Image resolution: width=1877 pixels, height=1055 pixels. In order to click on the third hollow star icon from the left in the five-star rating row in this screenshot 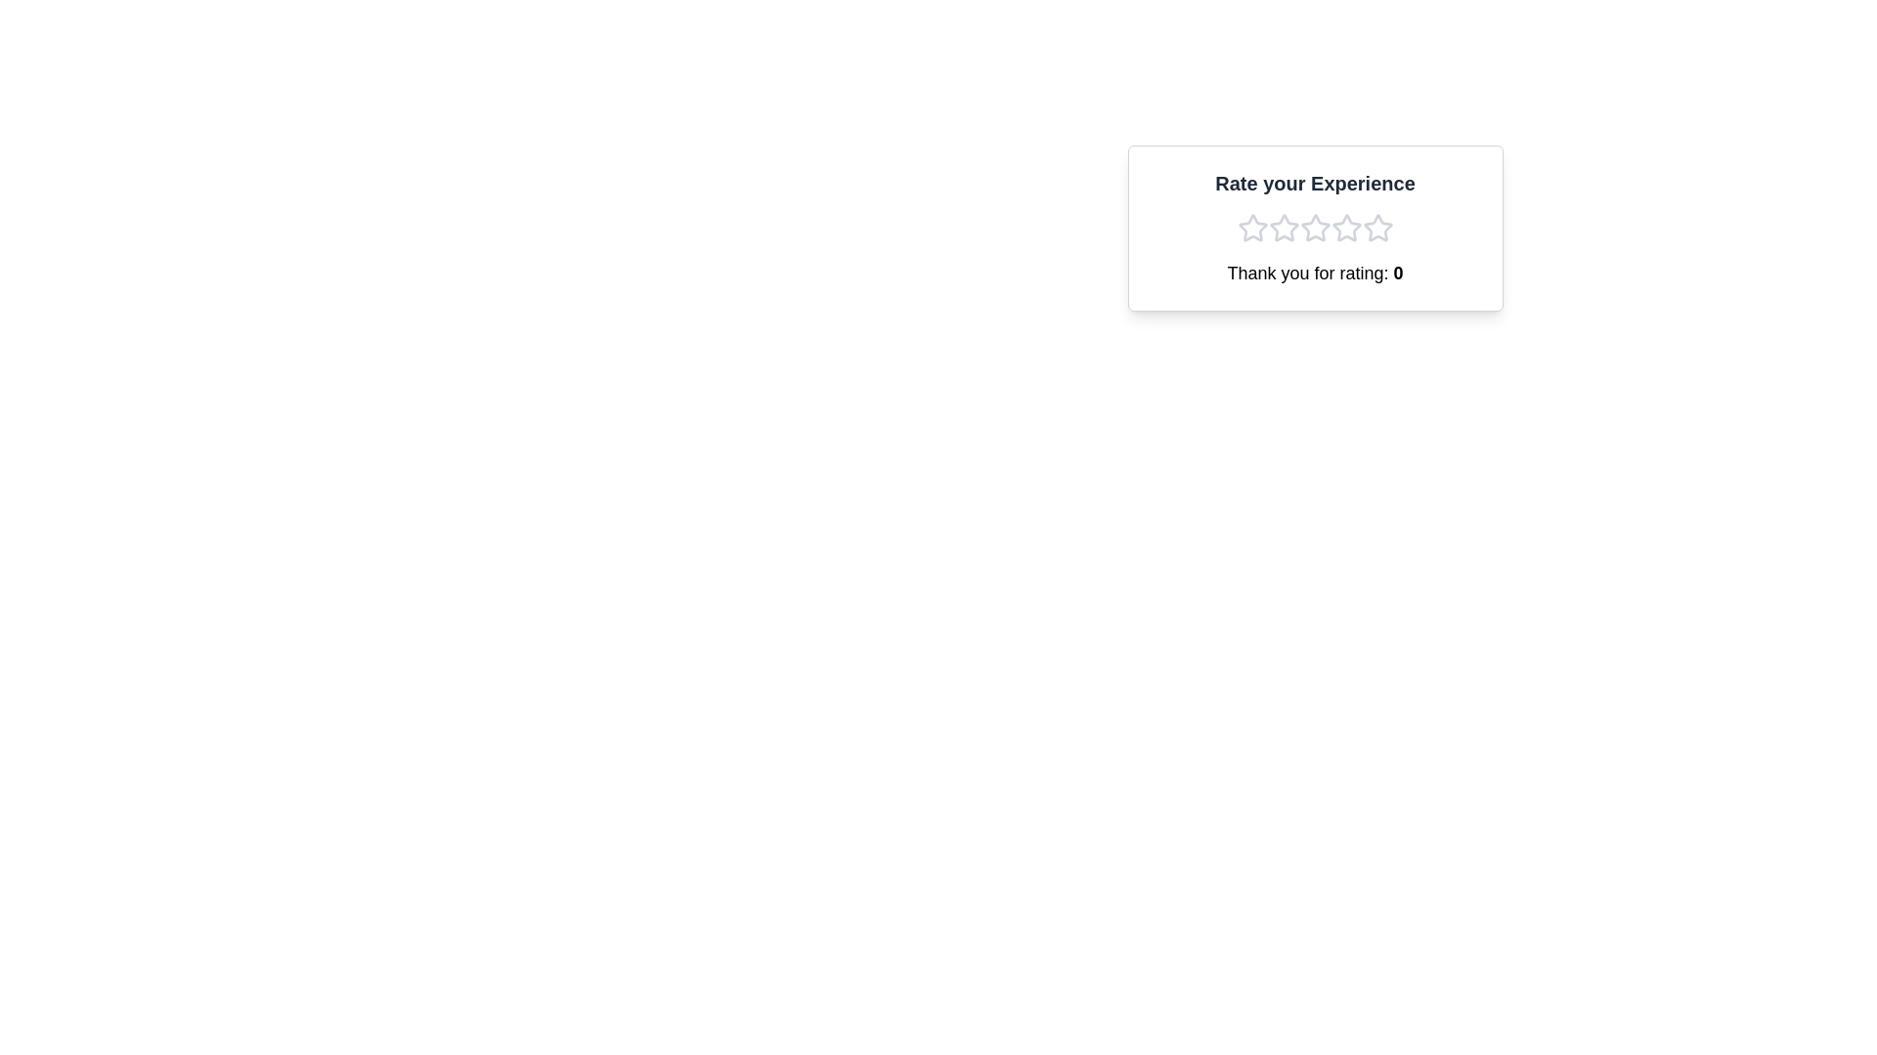, I will do `click(1315, 227)`.